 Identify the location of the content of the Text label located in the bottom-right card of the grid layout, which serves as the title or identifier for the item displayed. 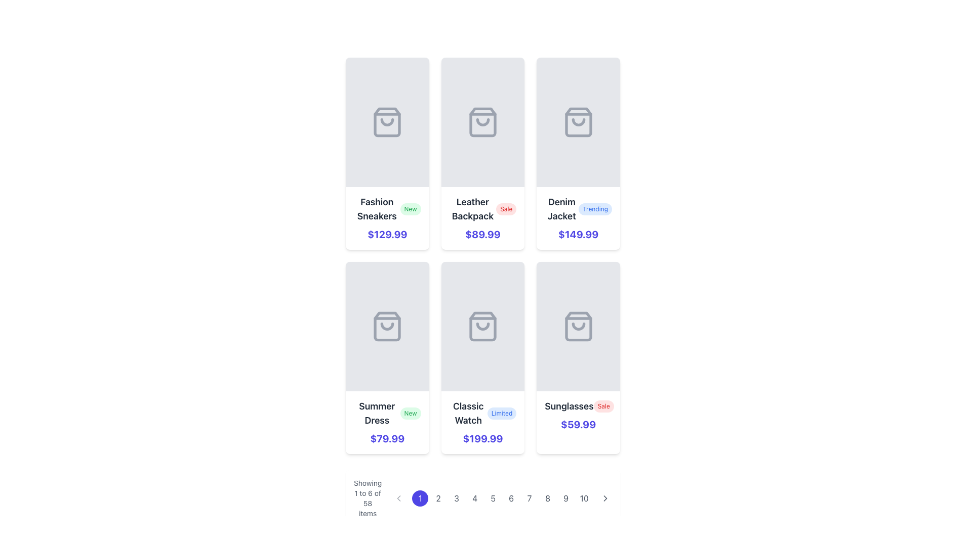
(569, 405).